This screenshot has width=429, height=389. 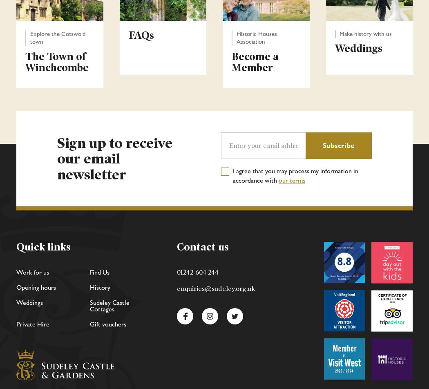 What do you see at coordinates (33, 272) in the screenshot?
I see `'Work for us'` at bounding box center [33, 272].